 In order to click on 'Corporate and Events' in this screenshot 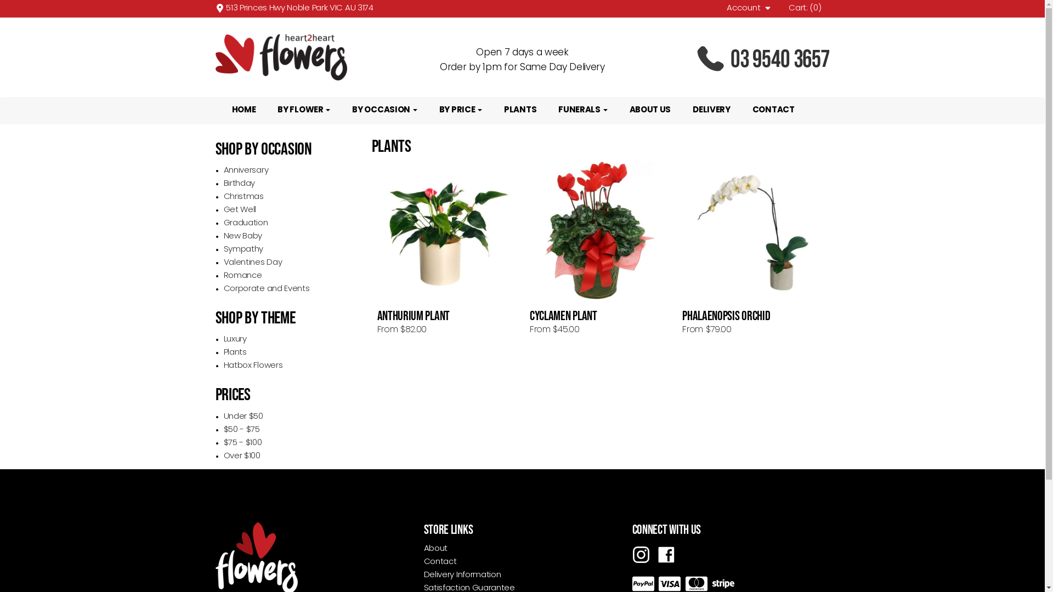, I will do `click(267, 288)`.